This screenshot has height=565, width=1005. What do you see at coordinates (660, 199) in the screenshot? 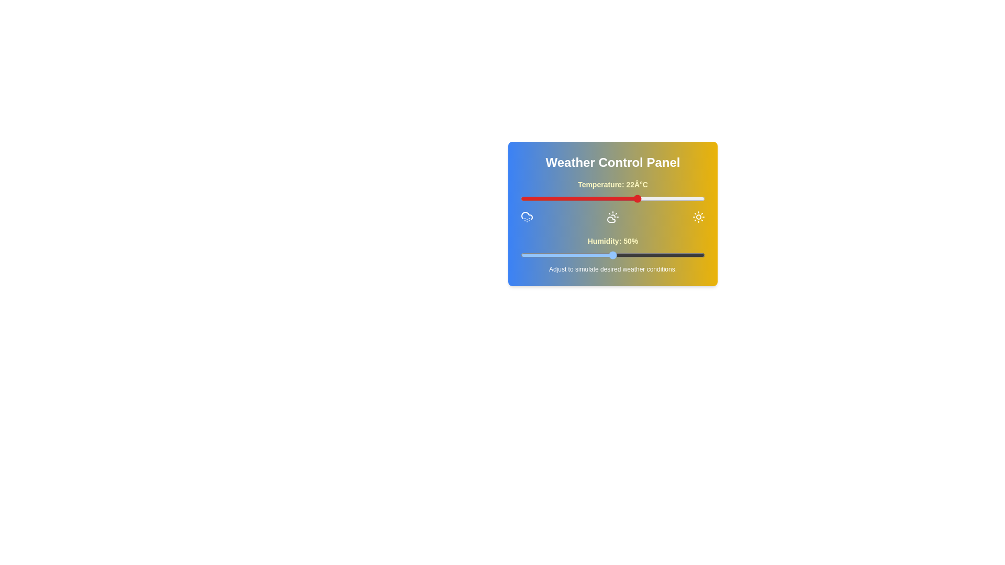
I see `the temperature` at bounding box center [660, 199].